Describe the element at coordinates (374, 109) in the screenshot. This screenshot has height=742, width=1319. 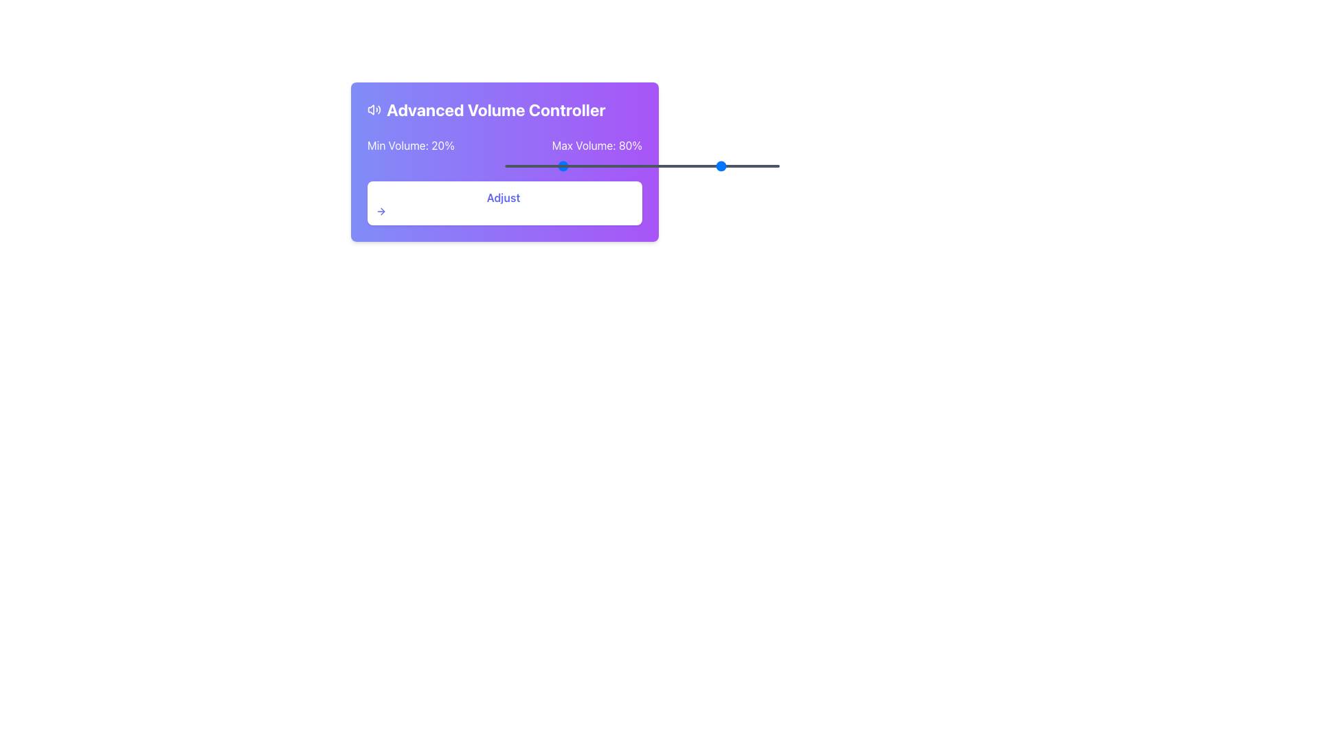
I see `the speaker icon with sound waves located to the left of the 'Advanced Volume Controller' text in the header section` at that location.